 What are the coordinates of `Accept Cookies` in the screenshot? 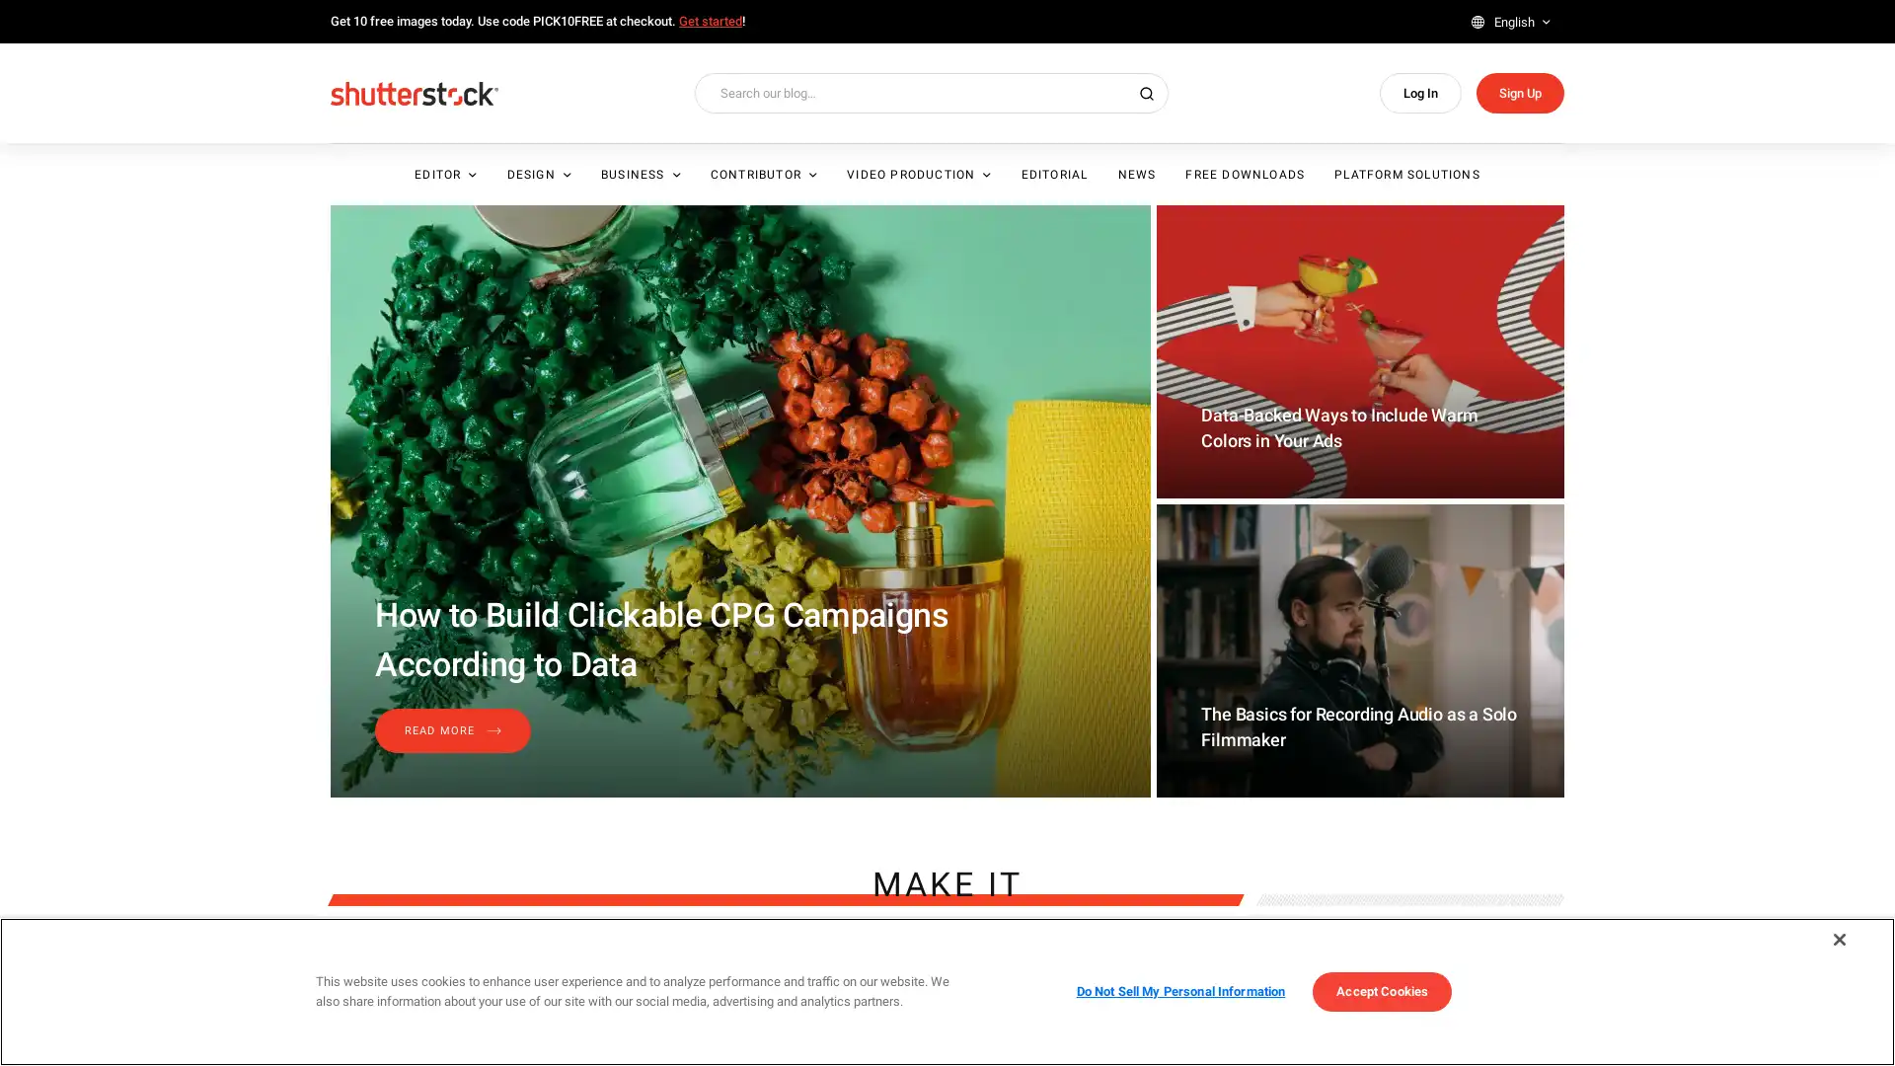 It's located at (1381, 991).